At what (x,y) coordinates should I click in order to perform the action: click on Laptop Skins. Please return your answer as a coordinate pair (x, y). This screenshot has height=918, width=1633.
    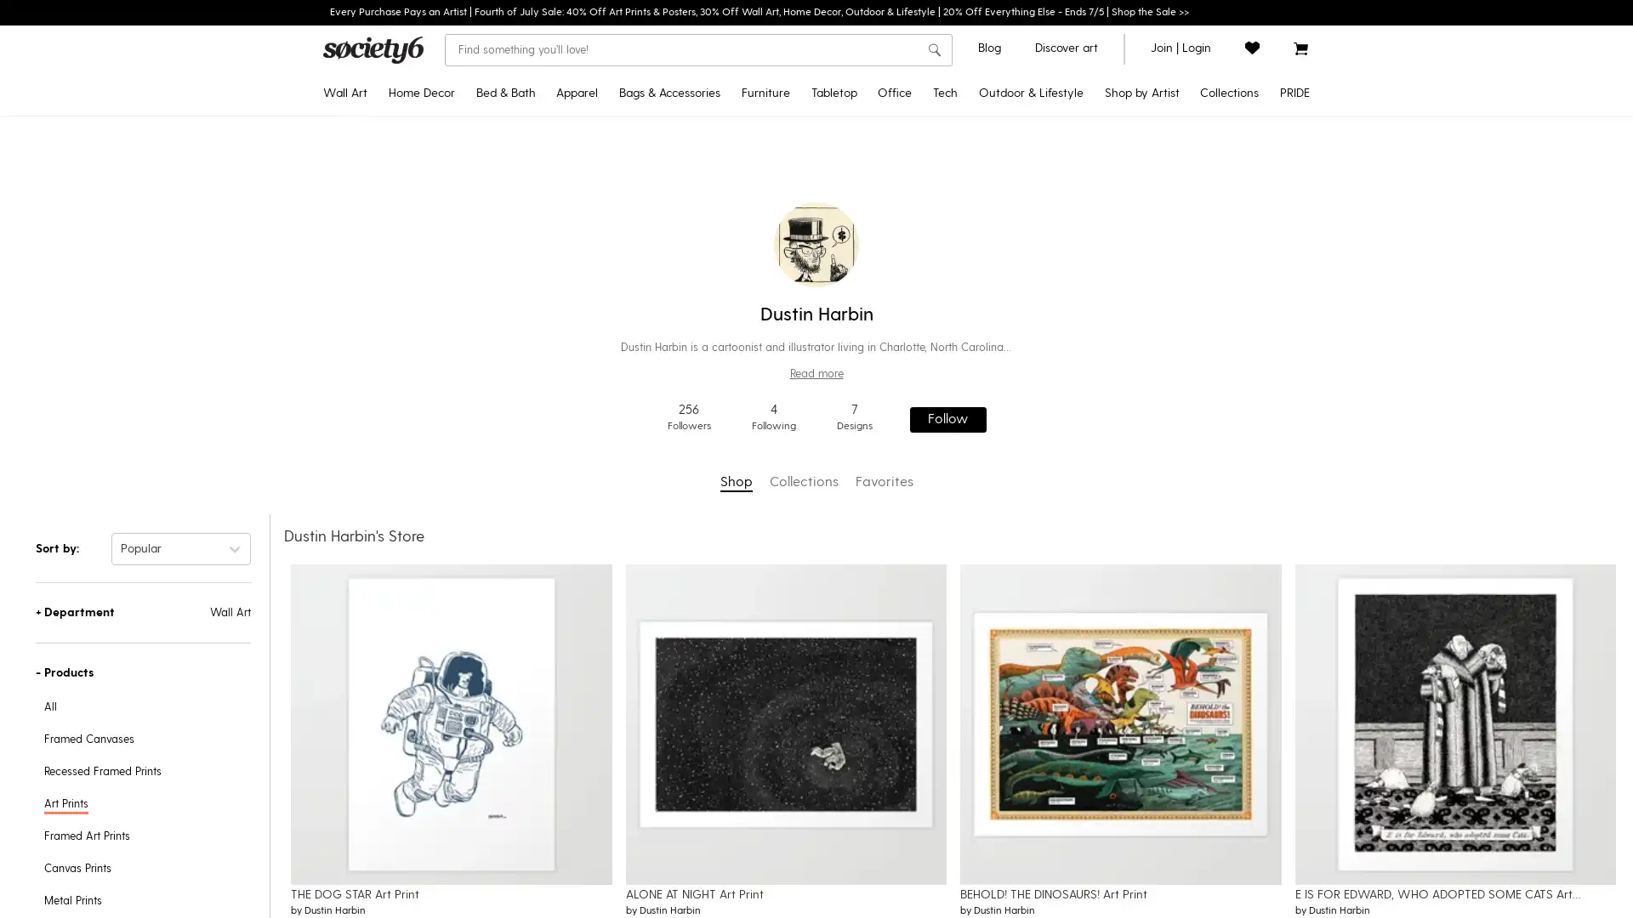
    Looking at the image, I should click on (1005, 410).